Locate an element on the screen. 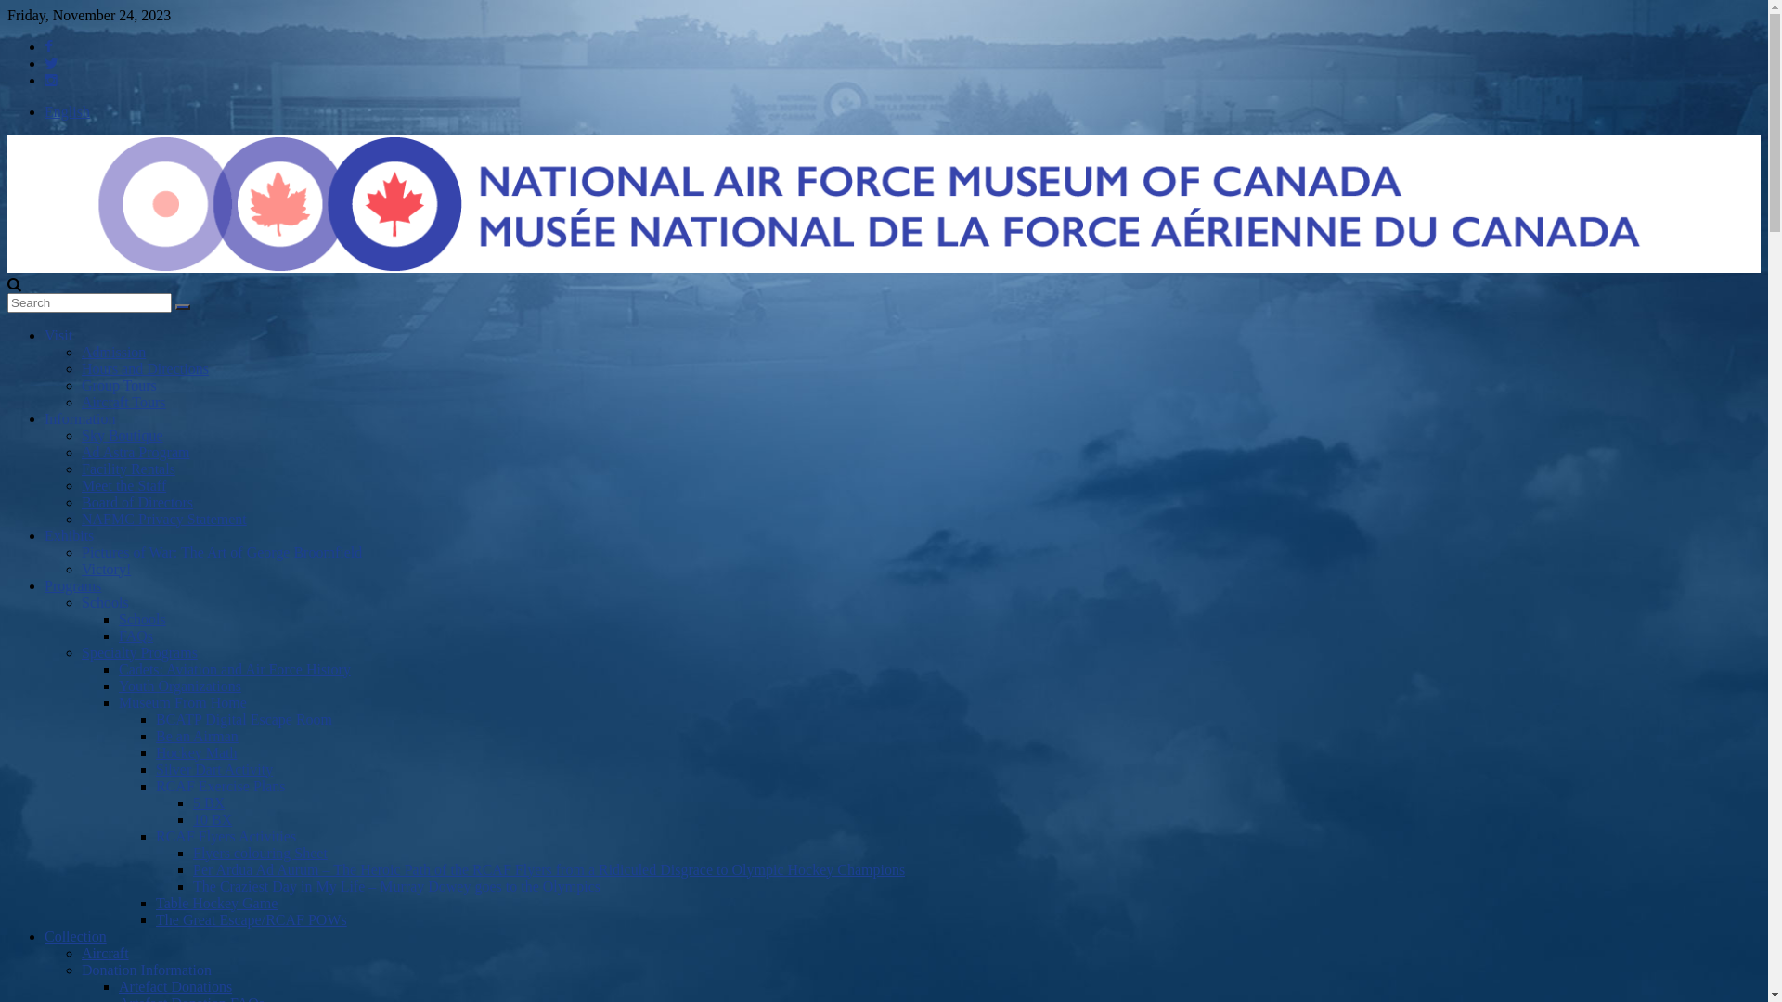 Image resolution: width=1782 pixels, height=1002 pixels. 'Flyers colouring Sheet' is located at coordinates (259, 853).